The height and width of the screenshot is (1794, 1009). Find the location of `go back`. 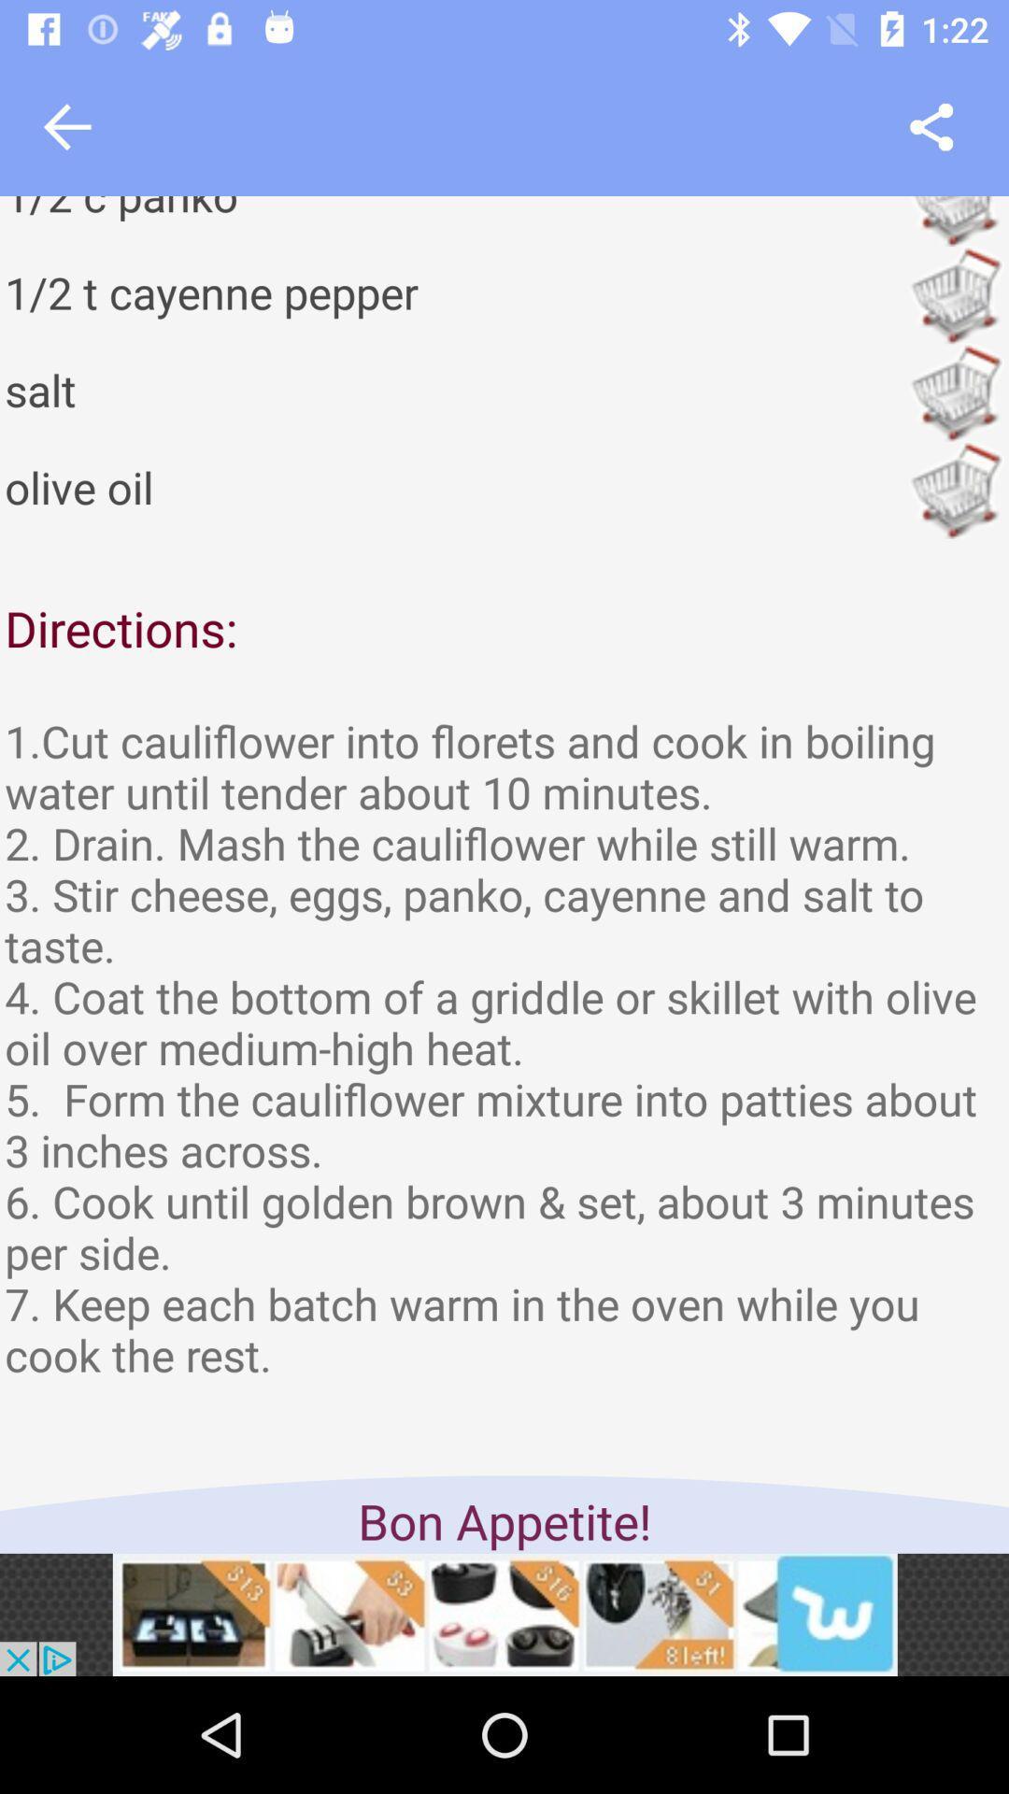

go back is located at coordinates (66, 126).